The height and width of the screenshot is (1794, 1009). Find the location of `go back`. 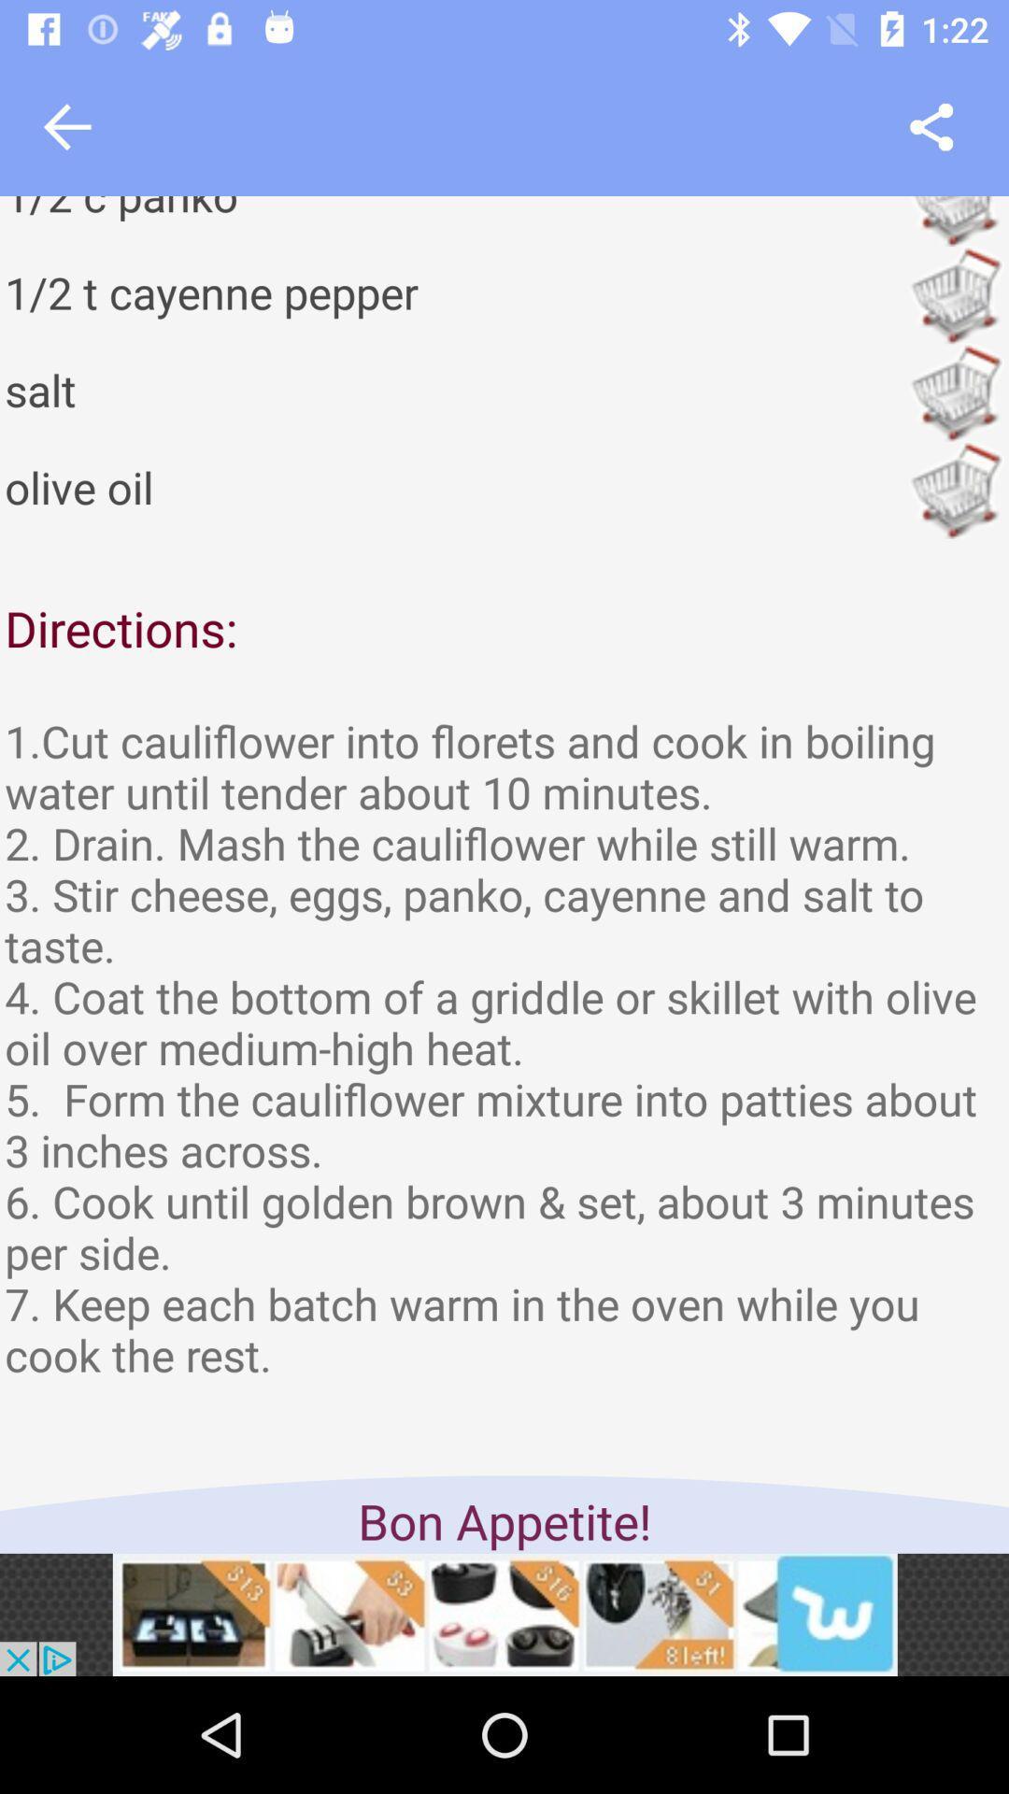

go back is located at coordinates (66, 126).